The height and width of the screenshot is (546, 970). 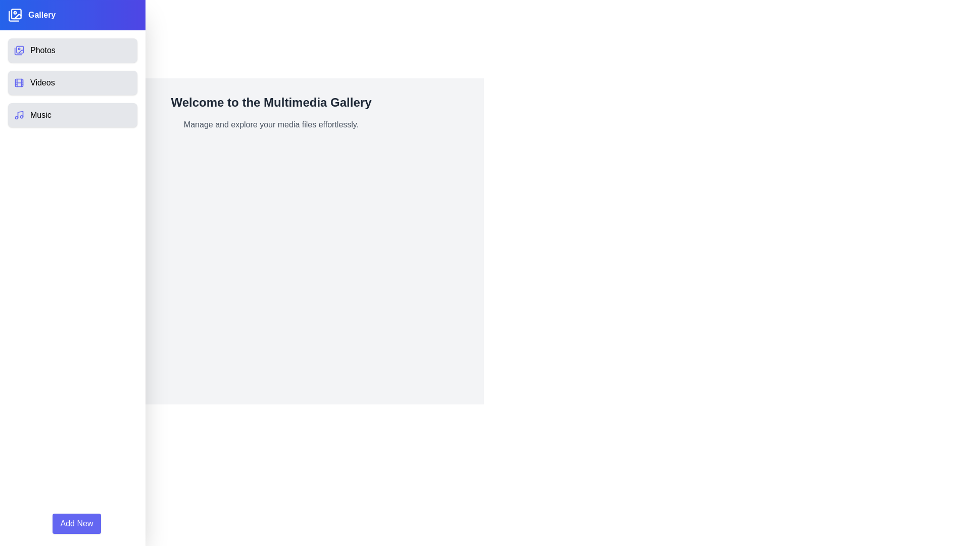 I want to click on the 'Add New' button, so click(x=76, y=523).